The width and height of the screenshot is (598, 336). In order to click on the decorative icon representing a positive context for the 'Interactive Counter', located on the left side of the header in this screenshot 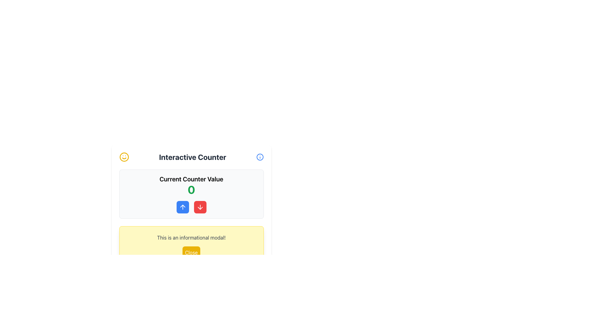, I will do `click(124, 157)`.